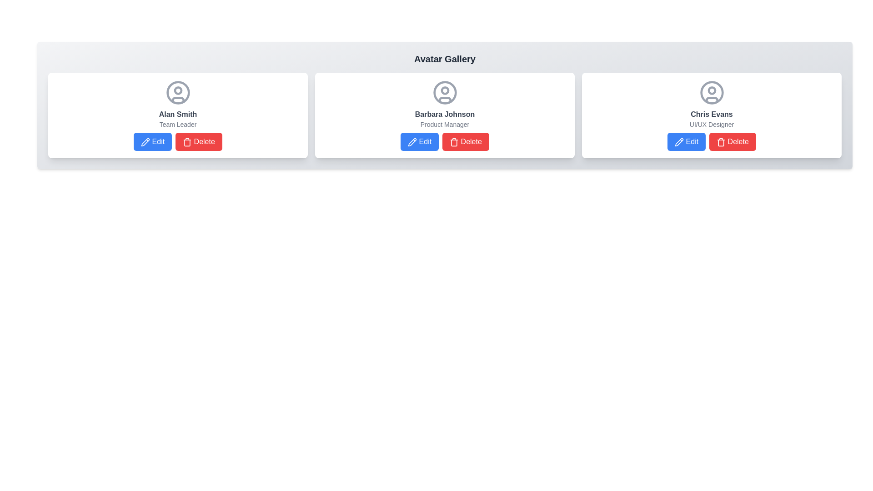  What do you see at coordinates (145, 142) in the screenshot?
I see `the edit icon located underneath the name 'Alan Smith' in the first user card` at bounding box center [145, 142].